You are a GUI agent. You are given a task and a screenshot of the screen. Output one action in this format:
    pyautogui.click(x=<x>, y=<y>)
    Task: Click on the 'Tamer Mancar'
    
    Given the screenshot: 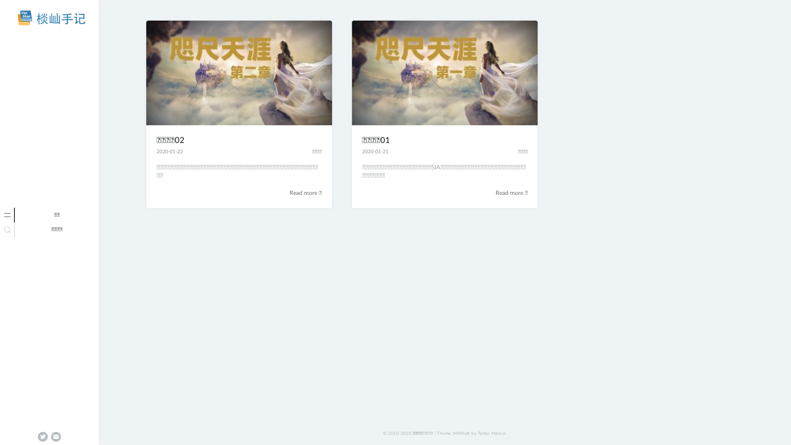 What is the action you would take?
    pyautogui.click(x=492, y=433)
    